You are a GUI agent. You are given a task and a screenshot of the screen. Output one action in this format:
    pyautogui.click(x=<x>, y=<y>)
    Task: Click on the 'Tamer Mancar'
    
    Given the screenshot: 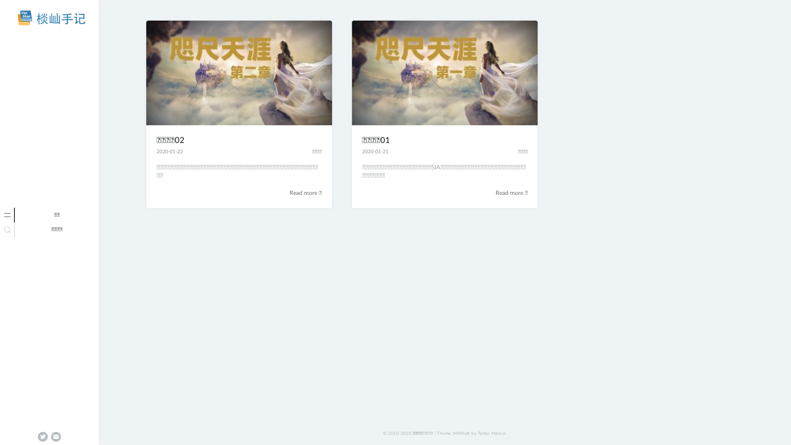 What is the action you would take?
    pyautogui.click(x=492, y=433)
    